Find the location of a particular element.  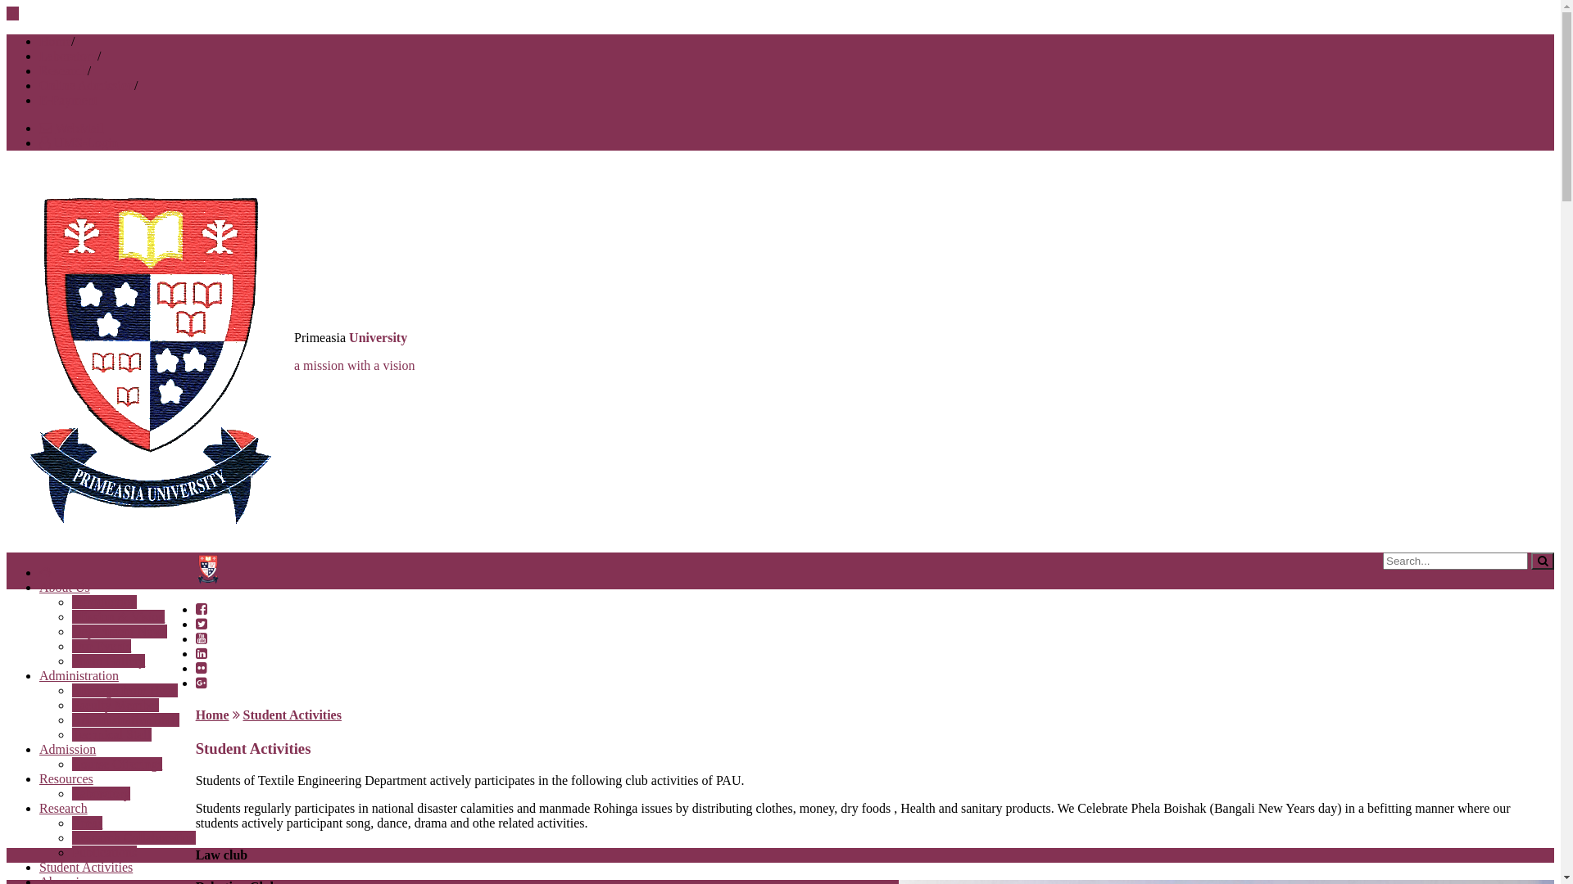

'Home' is located at coordinates (211, 714).